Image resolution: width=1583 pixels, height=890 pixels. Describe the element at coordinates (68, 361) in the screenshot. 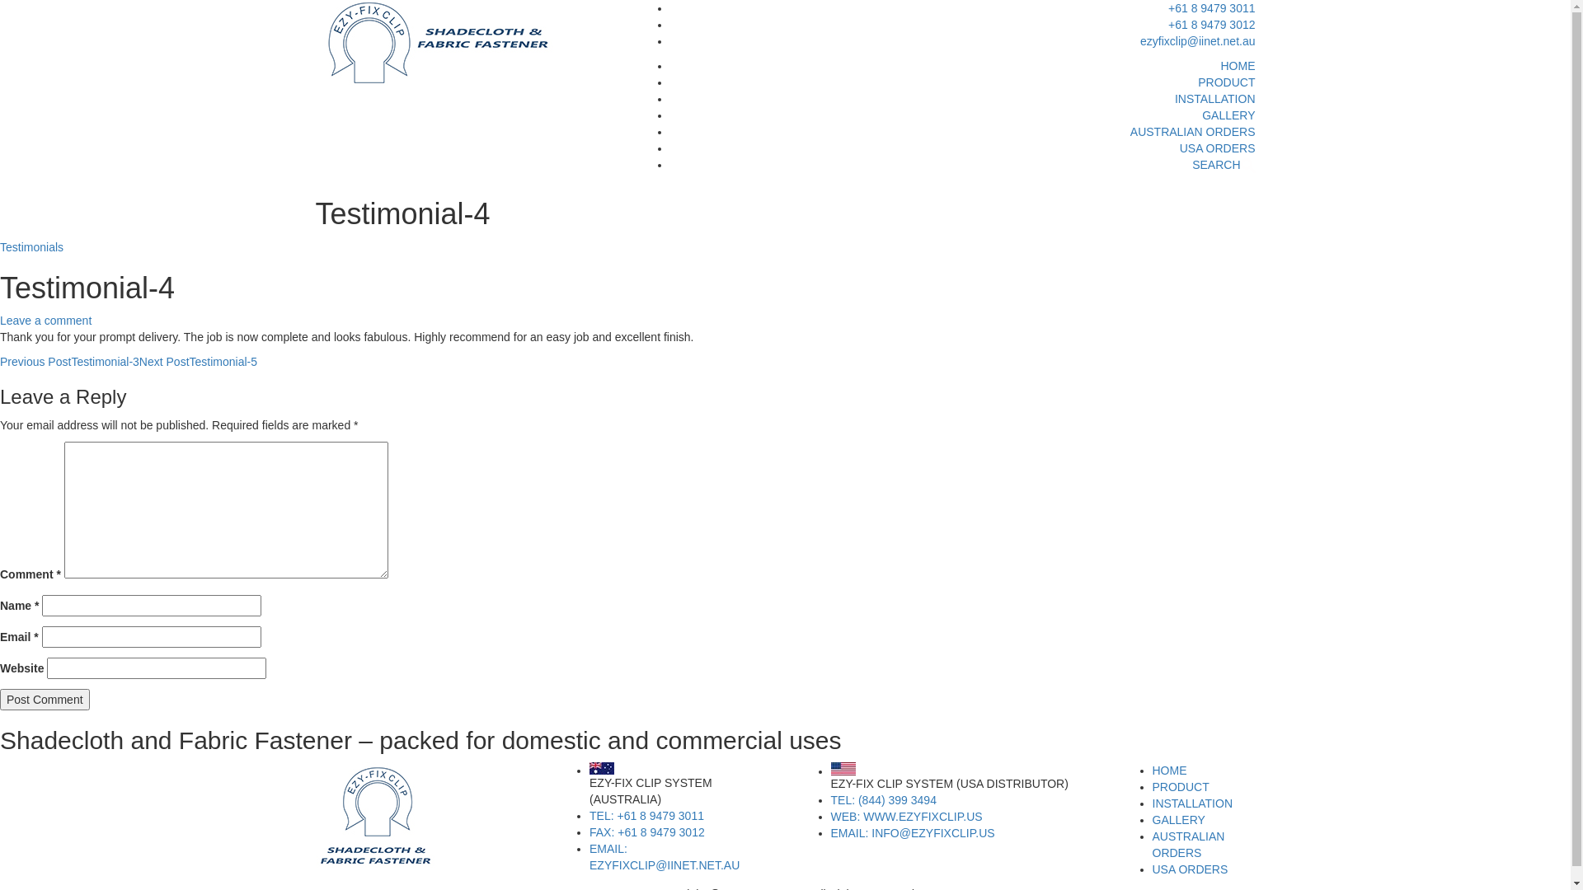

I see `'Previous PostTestimonial-3'` at that location.